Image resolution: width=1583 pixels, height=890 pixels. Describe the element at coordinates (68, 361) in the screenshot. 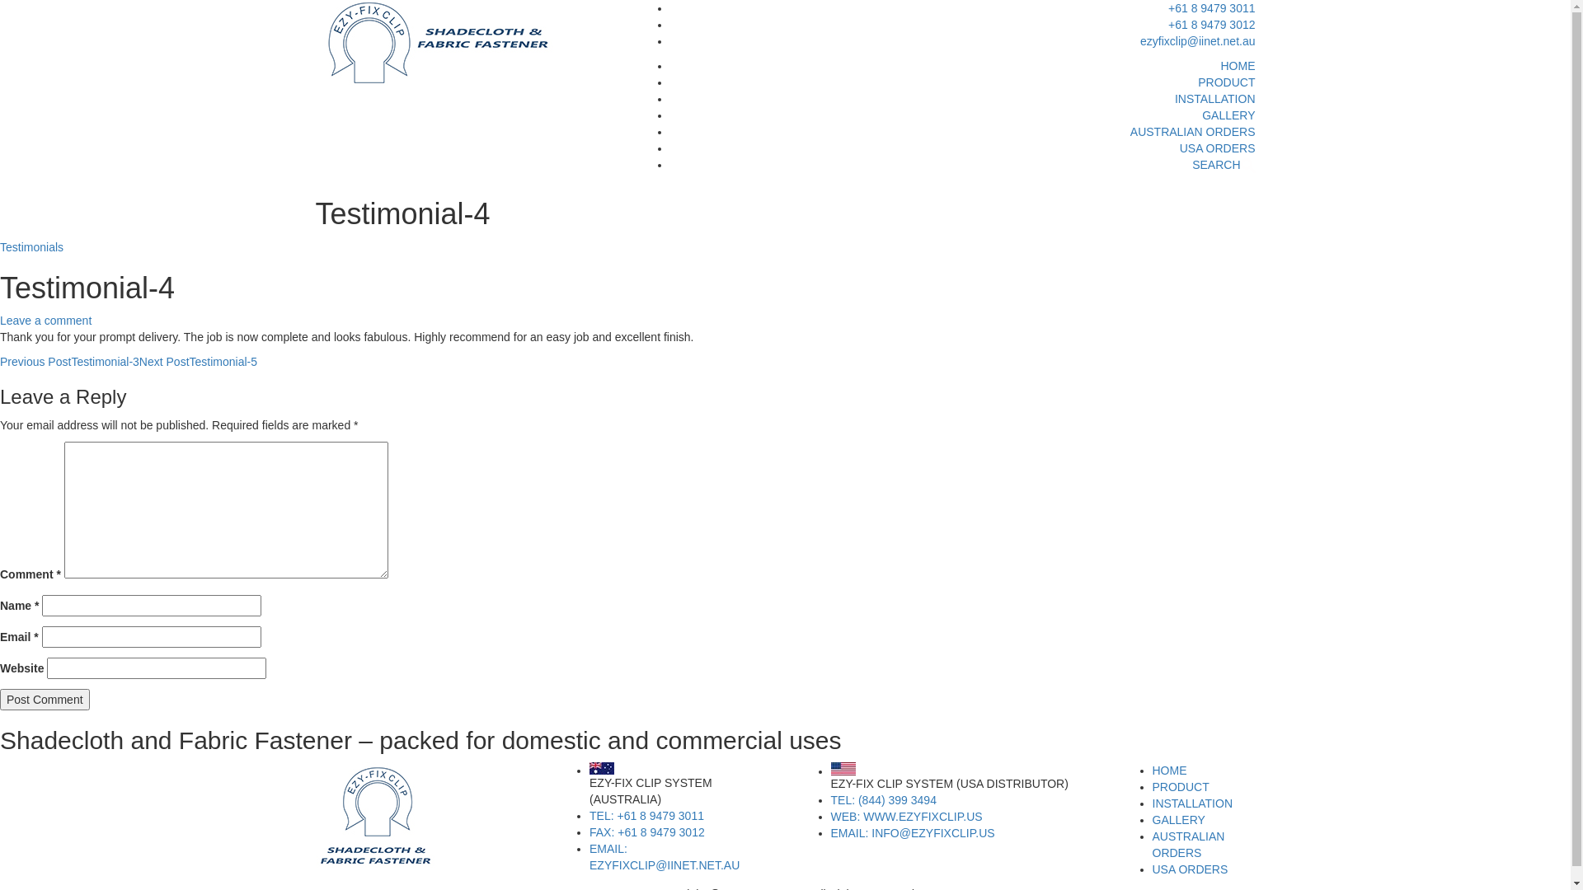

I see `'Previous PostTestimonial-3'` at that location.